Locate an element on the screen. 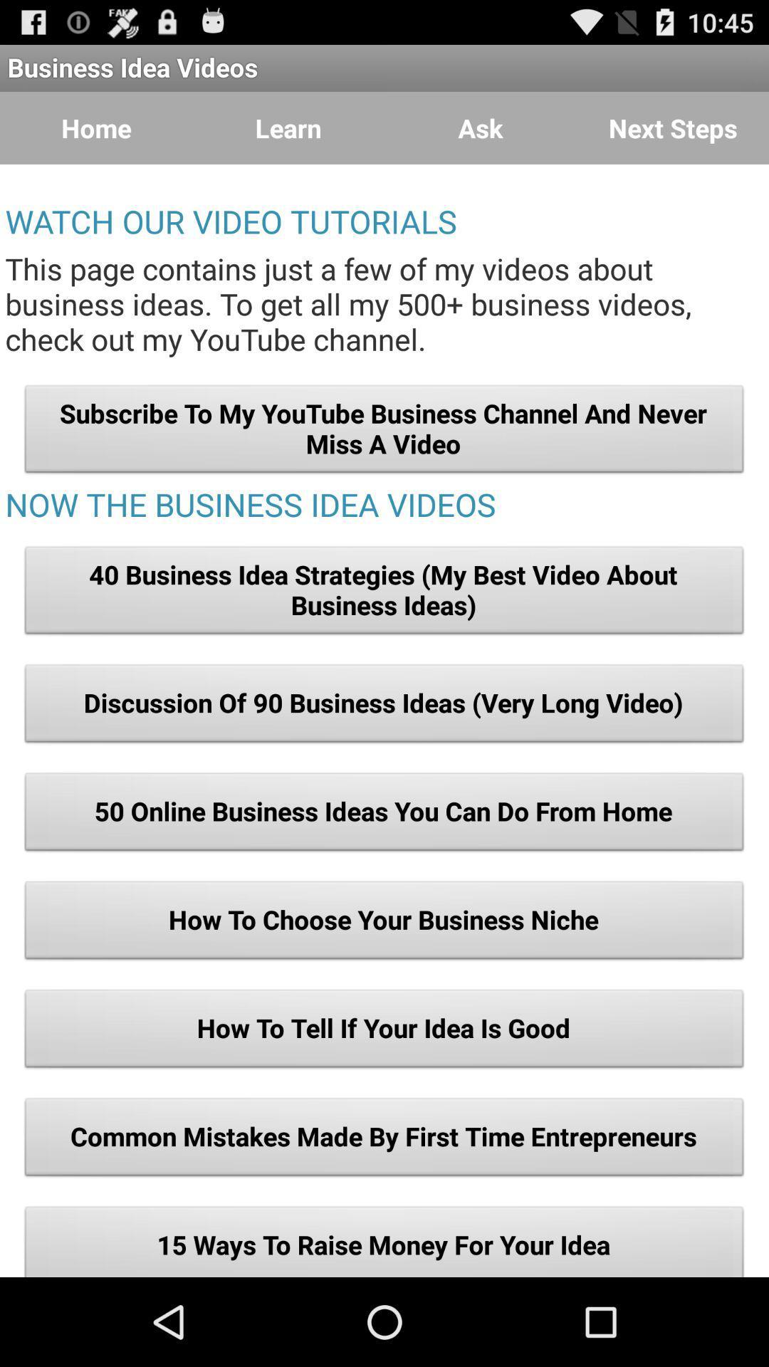  discussion of 90 is located at coordinates (384, 707).